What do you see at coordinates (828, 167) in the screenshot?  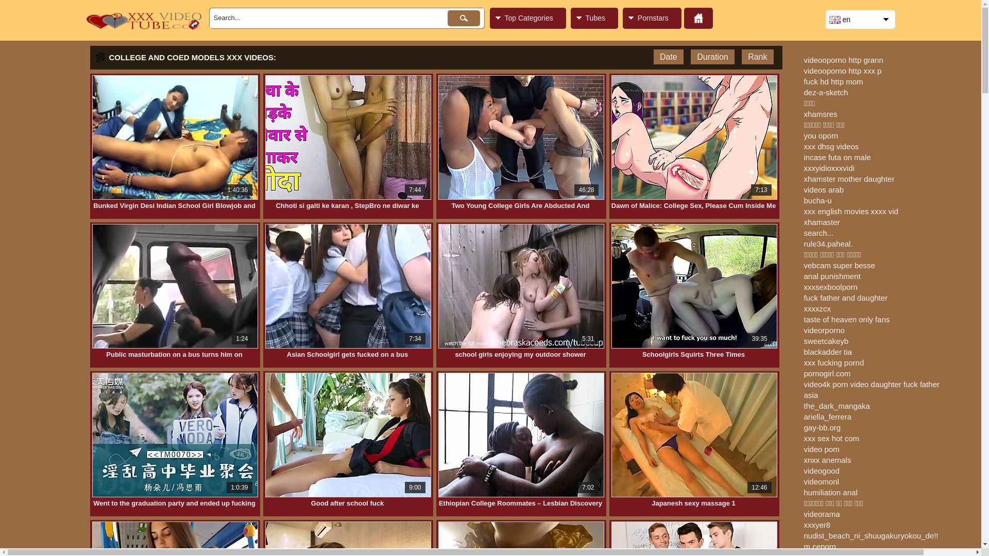 I see `'xxxyidioxxxvidi'` at bounding box center [828, 167].